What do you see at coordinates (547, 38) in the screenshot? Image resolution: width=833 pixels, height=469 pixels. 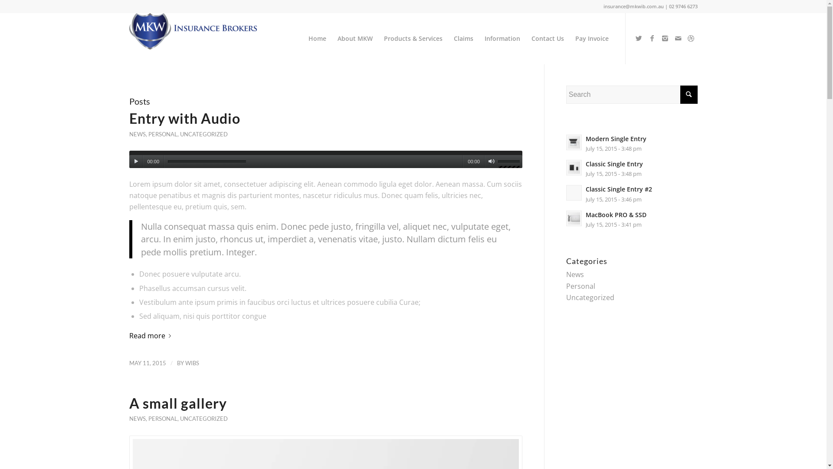 I see `'Contact Us'` at bounding box center [547, 38].